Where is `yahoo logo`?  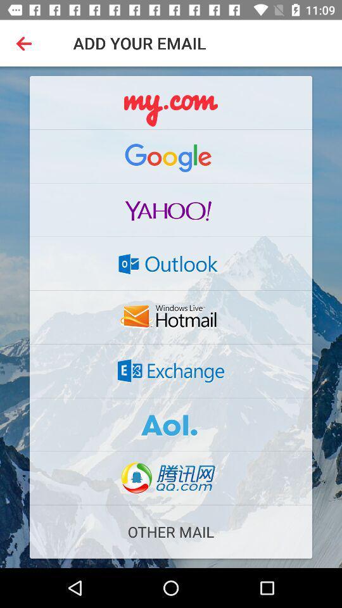
yahoo logo is located at coordinates (171, 210).